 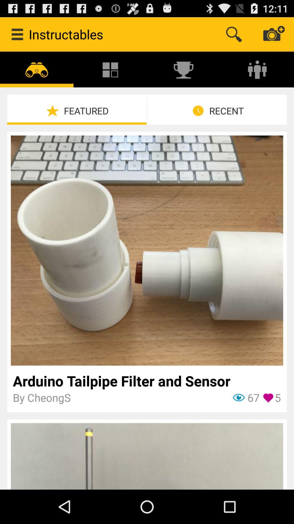 I want to click on arduino tailpipe filter icon, so click(x=146, y=380).